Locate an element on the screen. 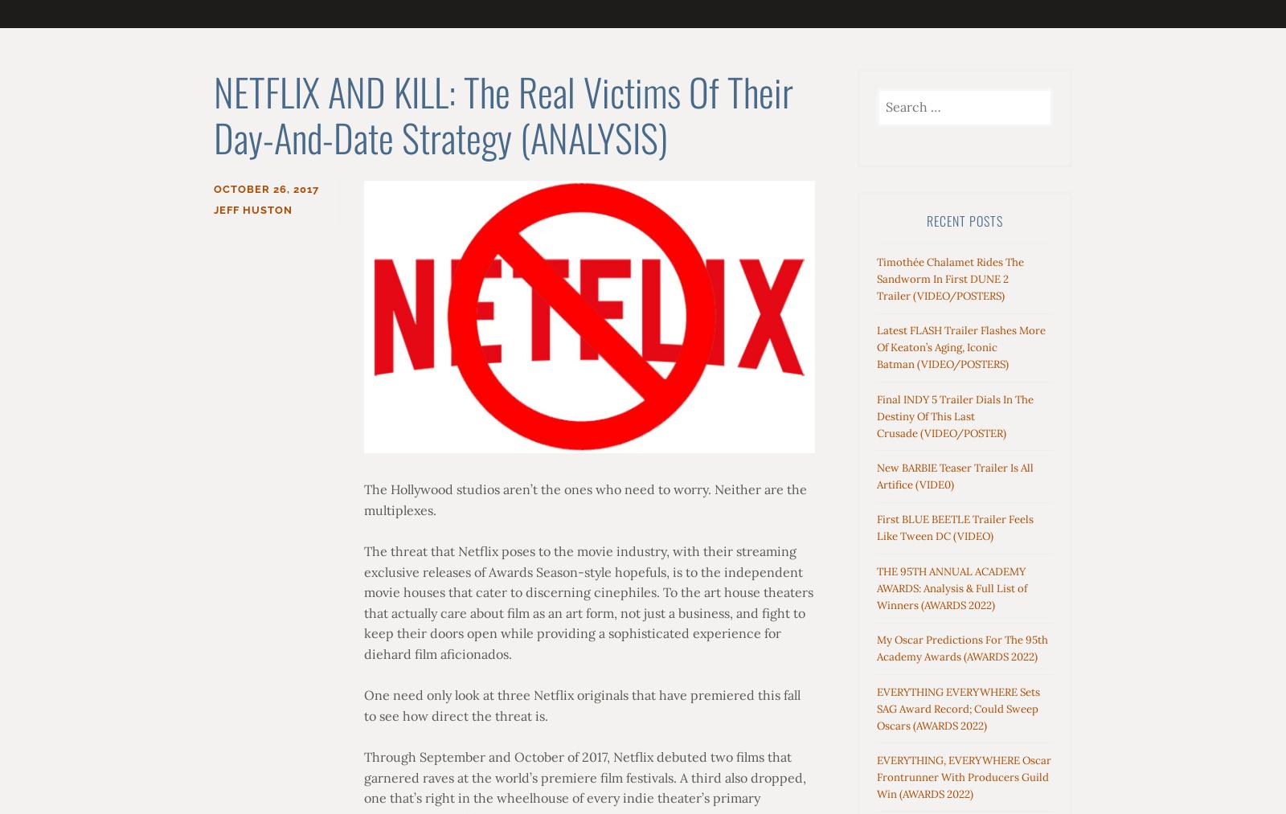  'Jeff Huston' is located at coordinates (253, 209).